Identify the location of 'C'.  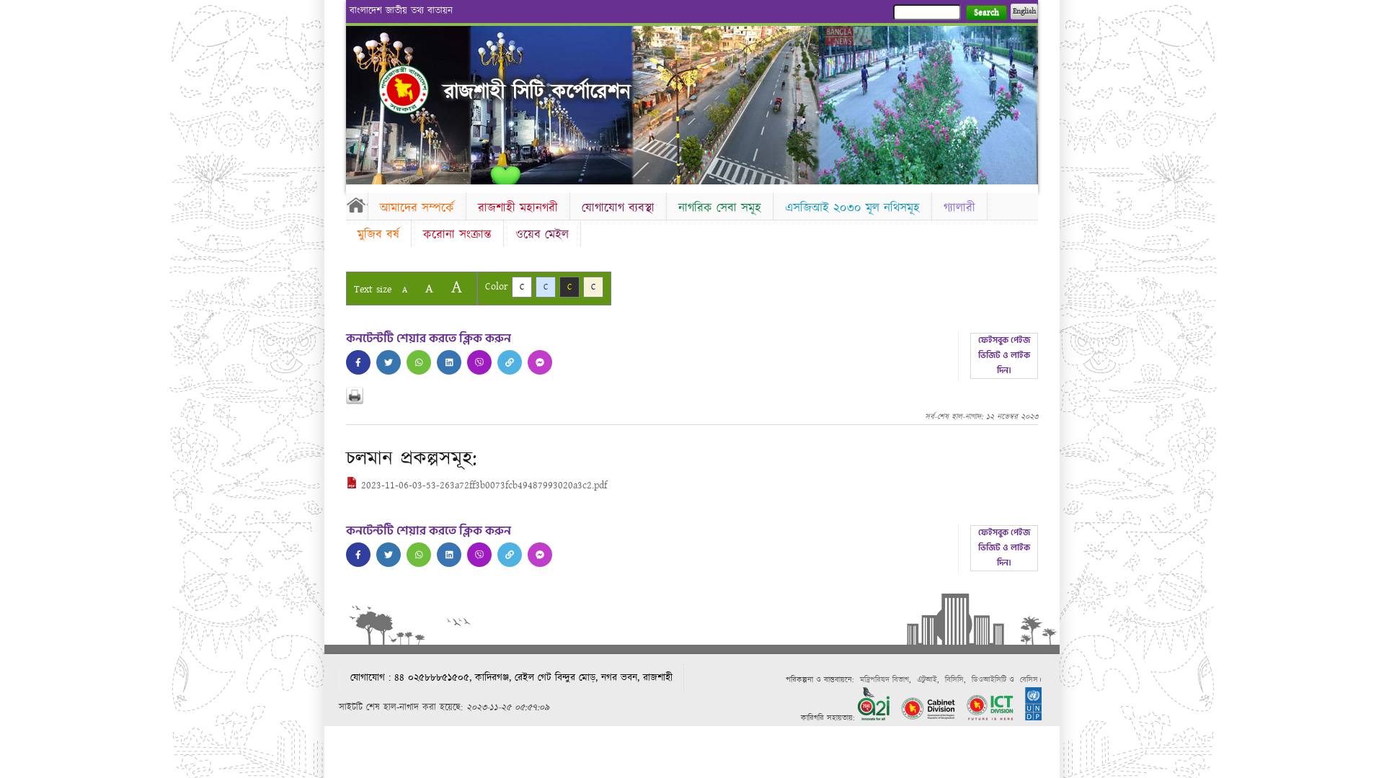
(512, 287).